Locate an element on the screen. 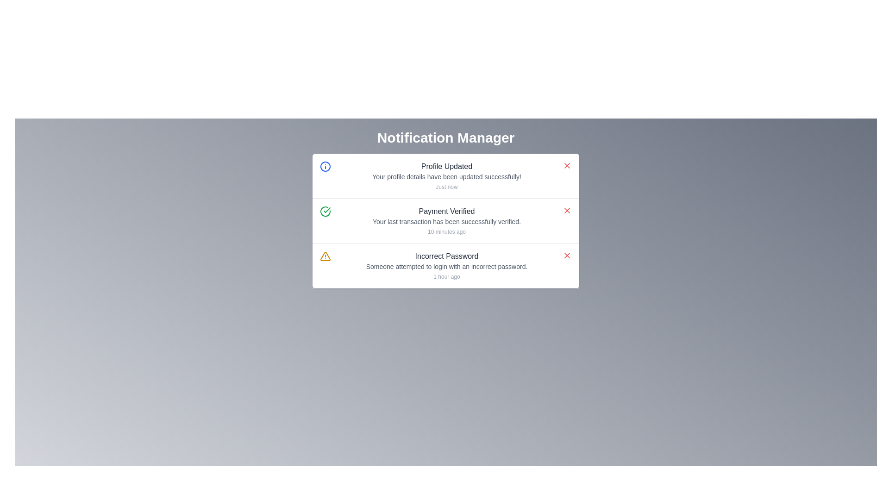  text from the text label displaying 'Incorrect Password', which is part of the third notification item in the notification stack is located at coordinates (446, 256).